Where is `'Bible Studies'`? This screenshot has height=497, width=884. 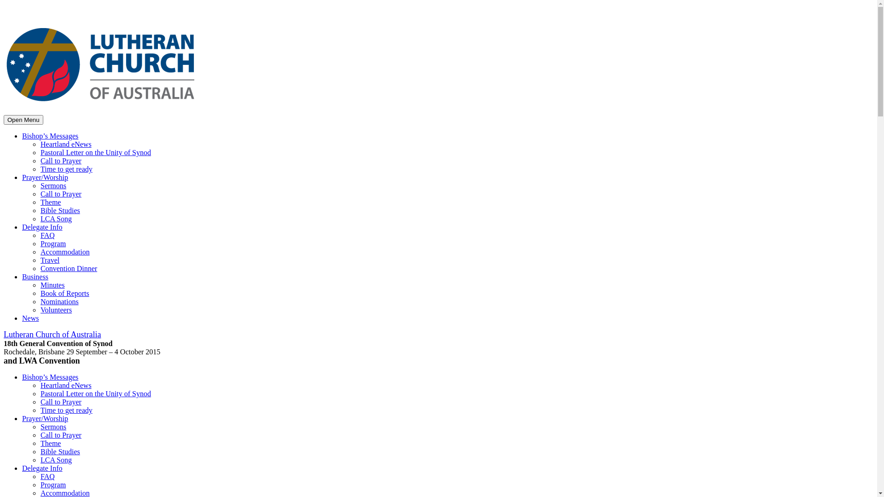 'Bible Studies' is located at coordinates (40, 451).